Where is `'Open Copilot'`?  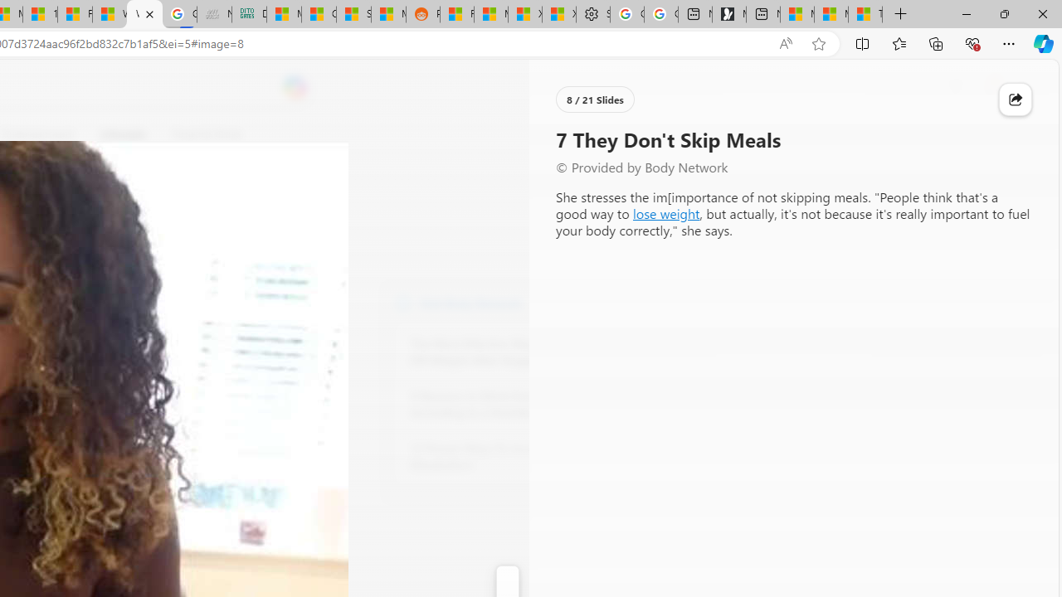 'Open Copilot' is located at coordinates (295, 87).